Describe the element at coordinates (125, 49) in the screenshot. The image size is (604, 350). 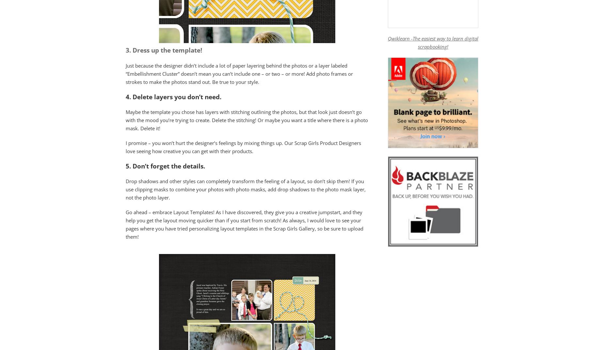
I see `'3.'` at that location.